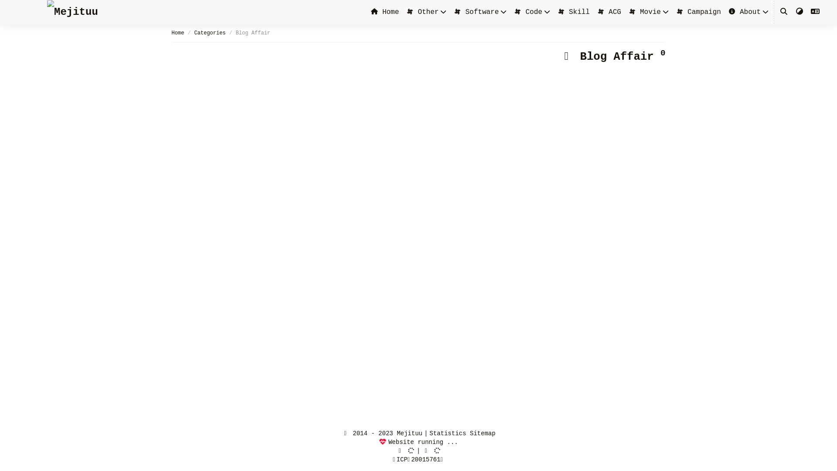 This screenshot has height=471, width=837. What do you see at coordinates (573, 12) in the screenshot?
I see `'Skill'` at bounding box center [573, 12].